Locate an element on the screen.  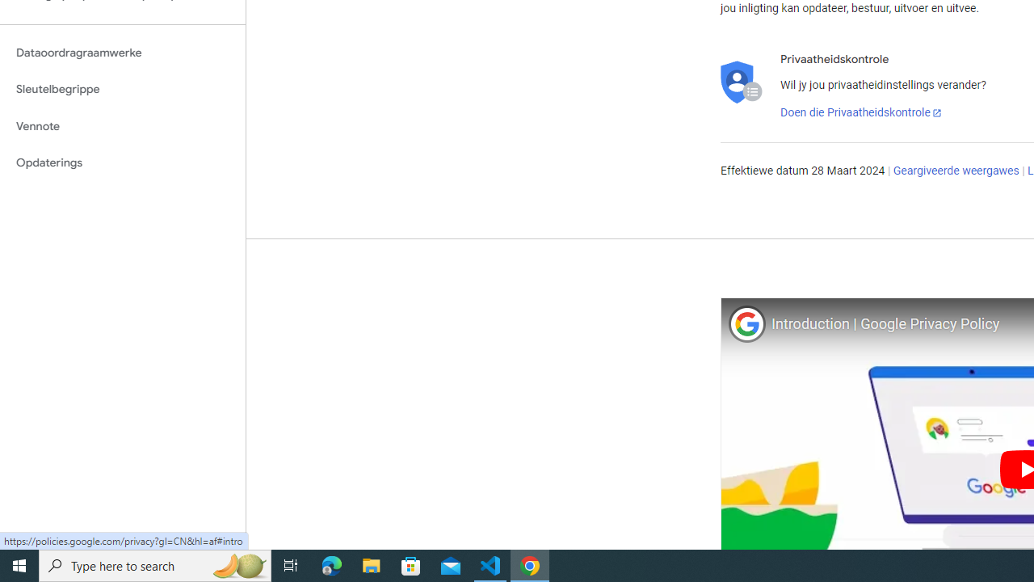
'Opdaterings' is located at coordinates (122, 162).